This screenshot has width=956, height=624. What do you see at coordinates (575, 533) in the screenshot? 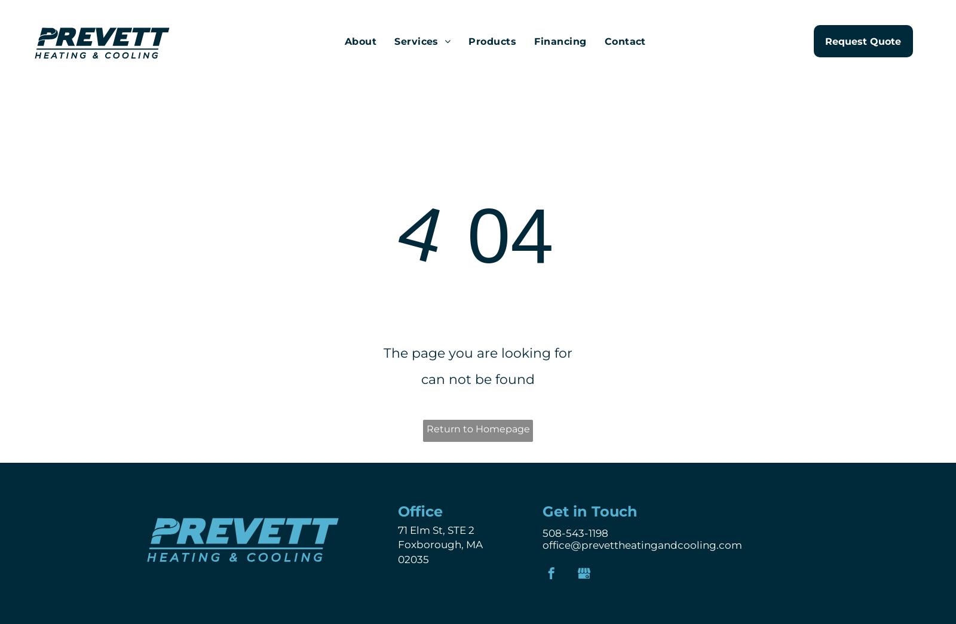
I see `'508-543-1198'` at bounding box center [575, 533].